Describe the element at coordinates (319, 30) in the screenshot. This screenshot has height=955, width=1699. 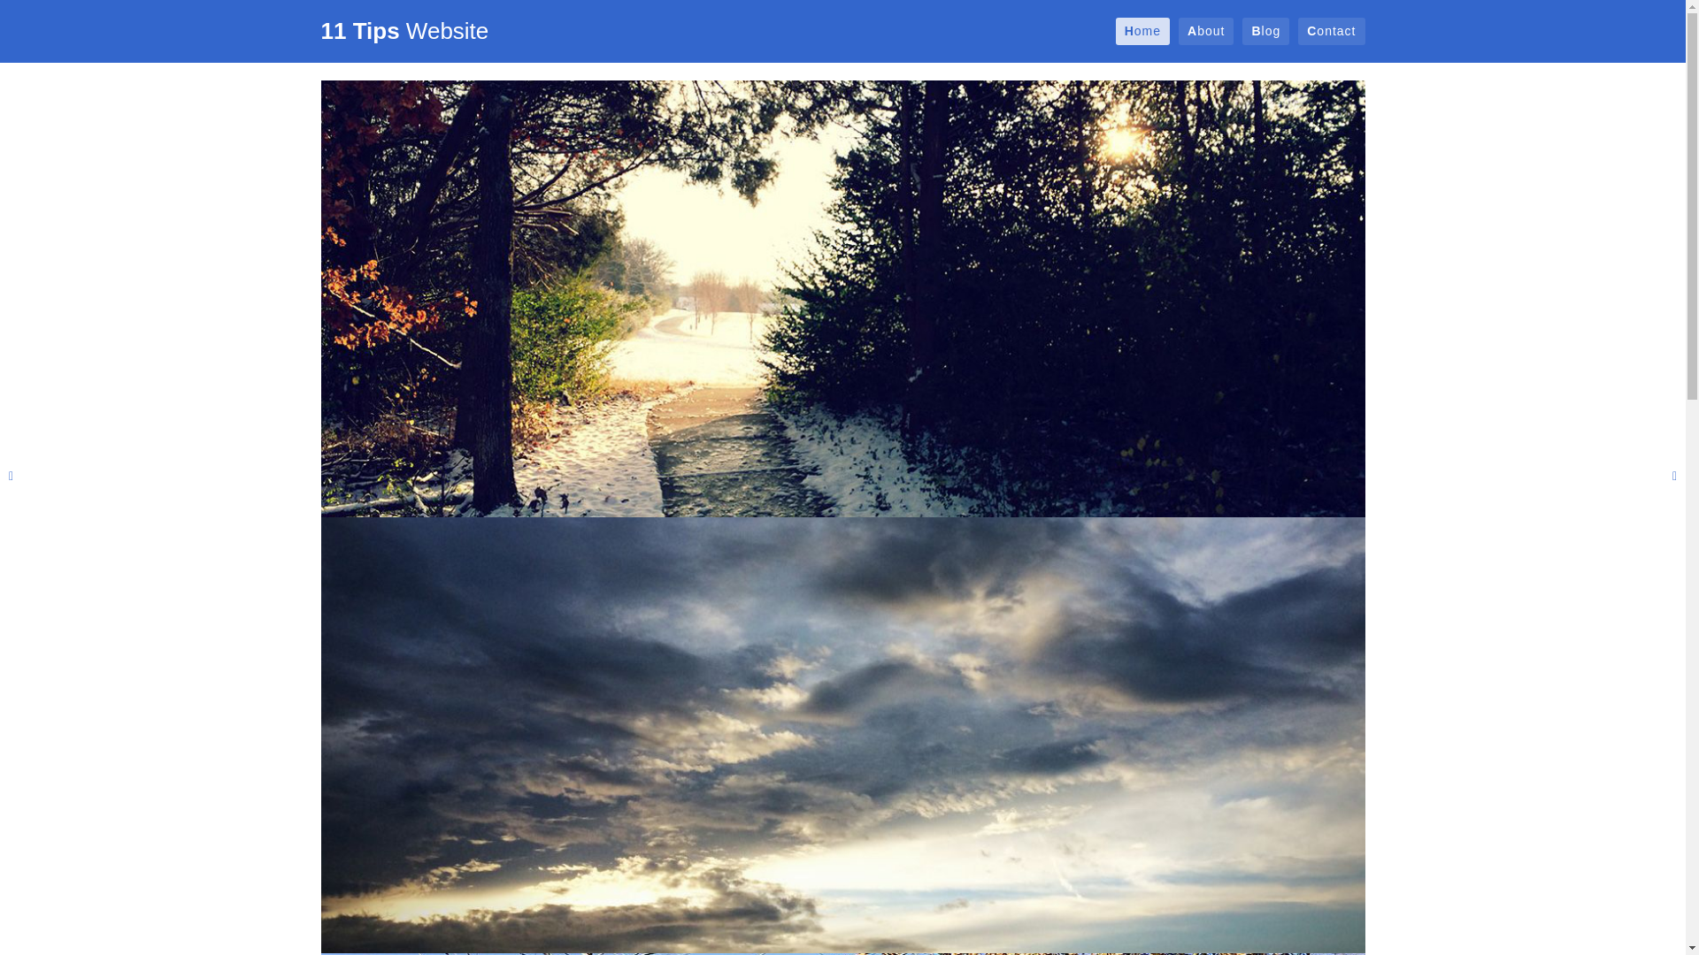
I see `'11 Tips Website'` at that location.